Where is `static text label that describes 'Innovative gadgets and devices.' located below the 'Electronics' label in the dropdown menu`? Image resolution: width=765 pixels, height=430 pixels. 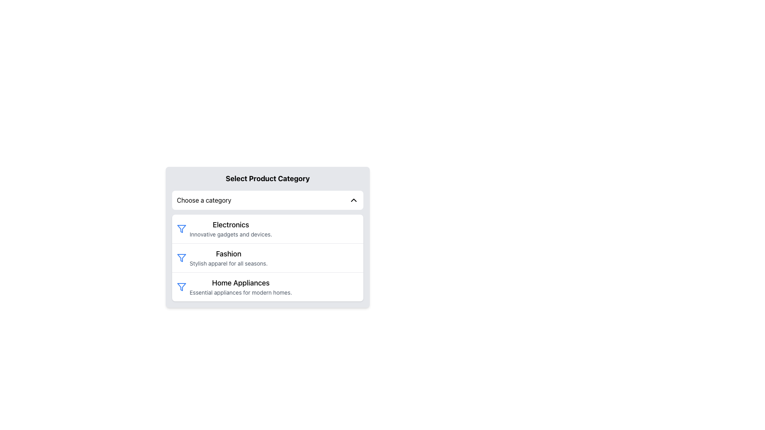
static text label that describes 'Innovative gadgets and devices.' located below the 'Electronics' label in the dropdown menu is located at coordinates (230, 234).